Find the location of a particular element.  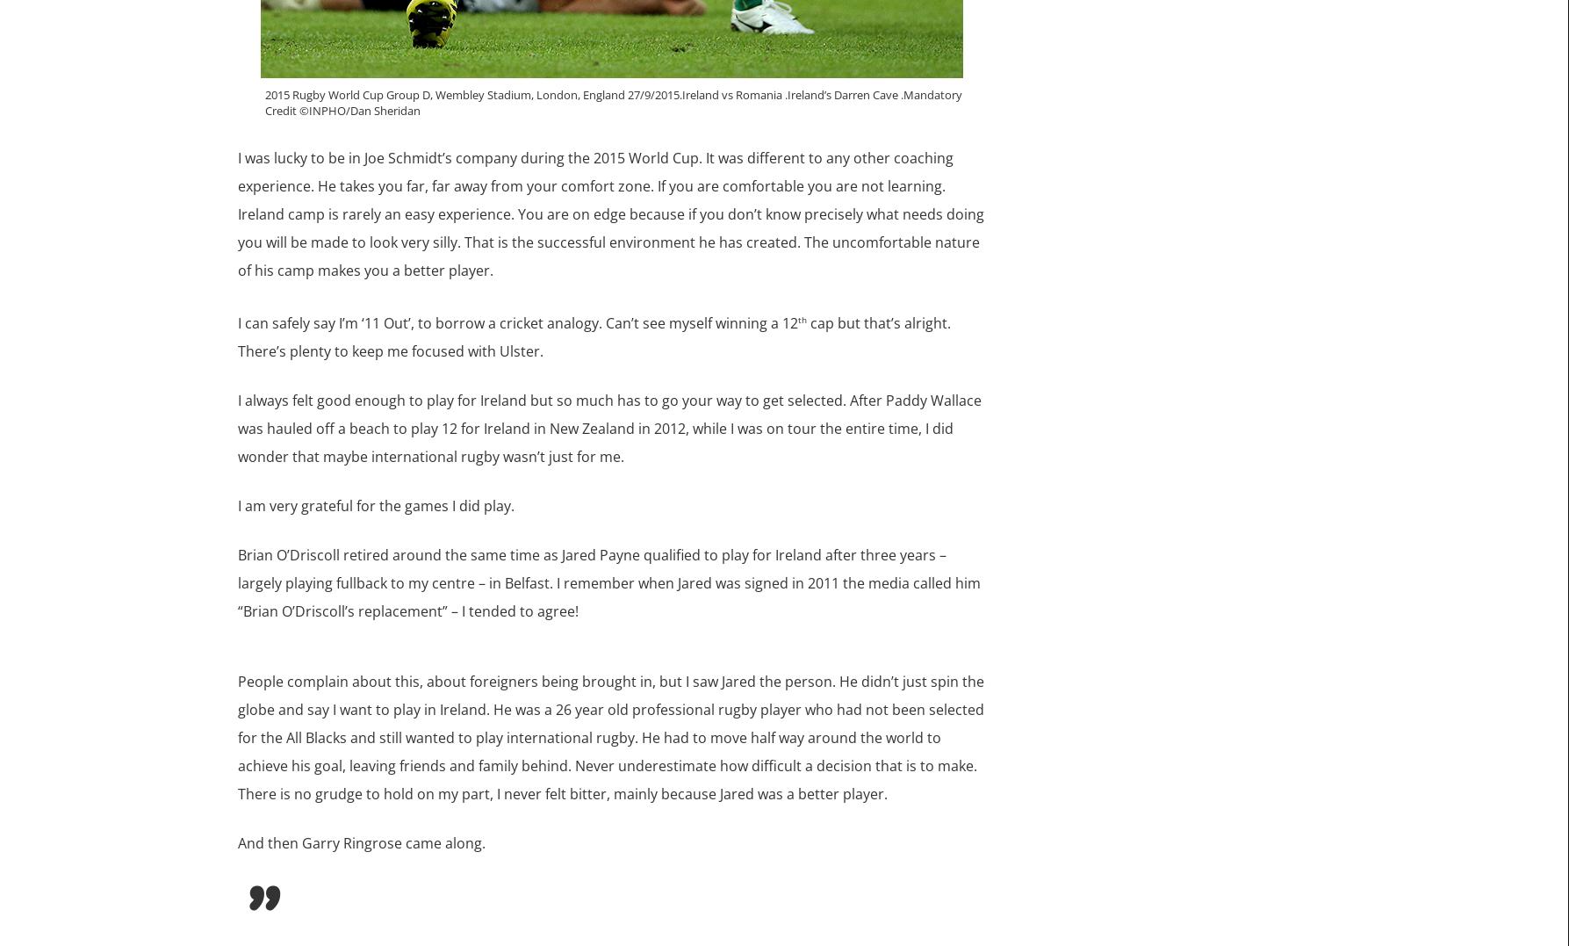

'I can safely say I’m ‘11 Out’, to borrow a cricket analogy. Can’t see myself winning a 12' is located at coordinates (515, 322).